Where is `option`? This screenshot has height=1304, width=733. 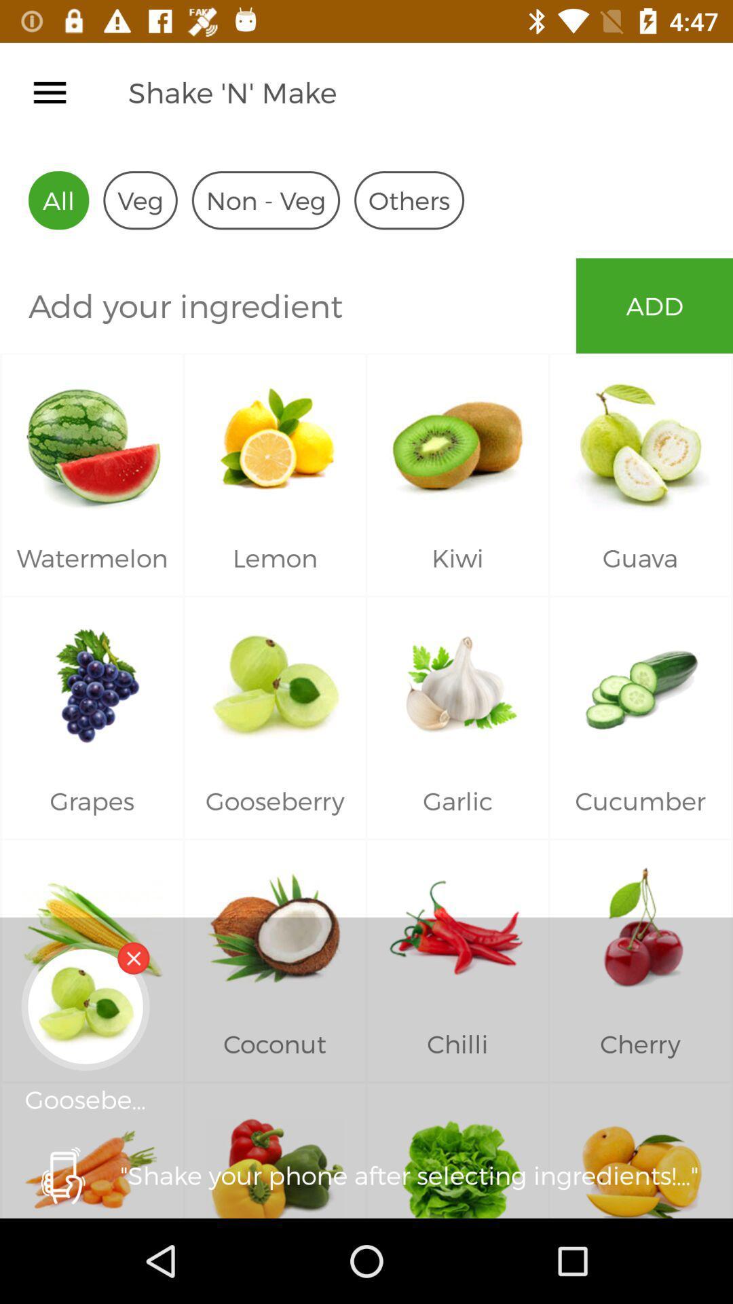
option is located at coordinates (133, 958).